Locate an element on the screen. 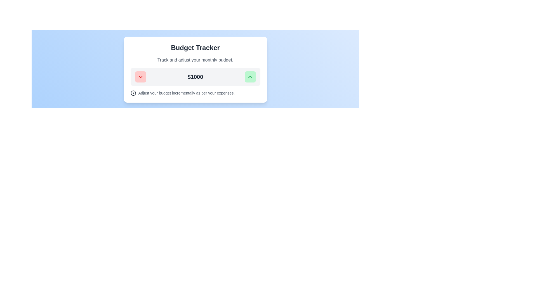  the text display box showing '$1000', which is a rectangle with rounded corners and a light gray background, located beneath the title 'Budget Tracker' is located at coordinates (195, 77).